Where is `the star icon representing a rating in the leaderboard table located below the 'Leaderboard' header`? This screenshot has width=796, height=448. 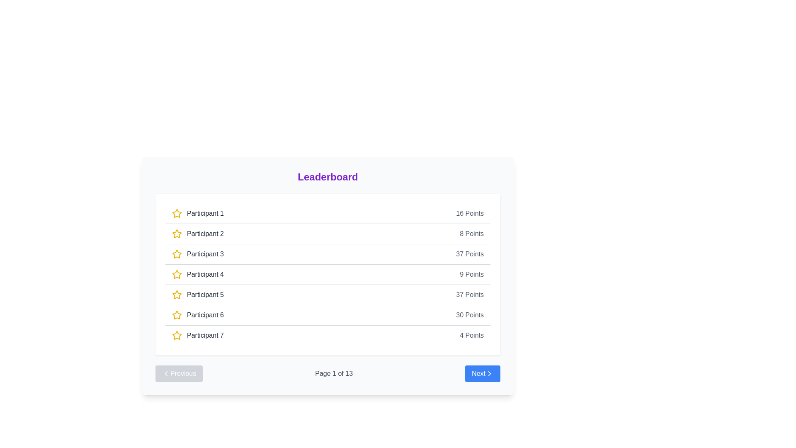
the star icon representing a rating in the leaderboard table located below the 'Leaderboard' header is located at coordinates (177, 213).